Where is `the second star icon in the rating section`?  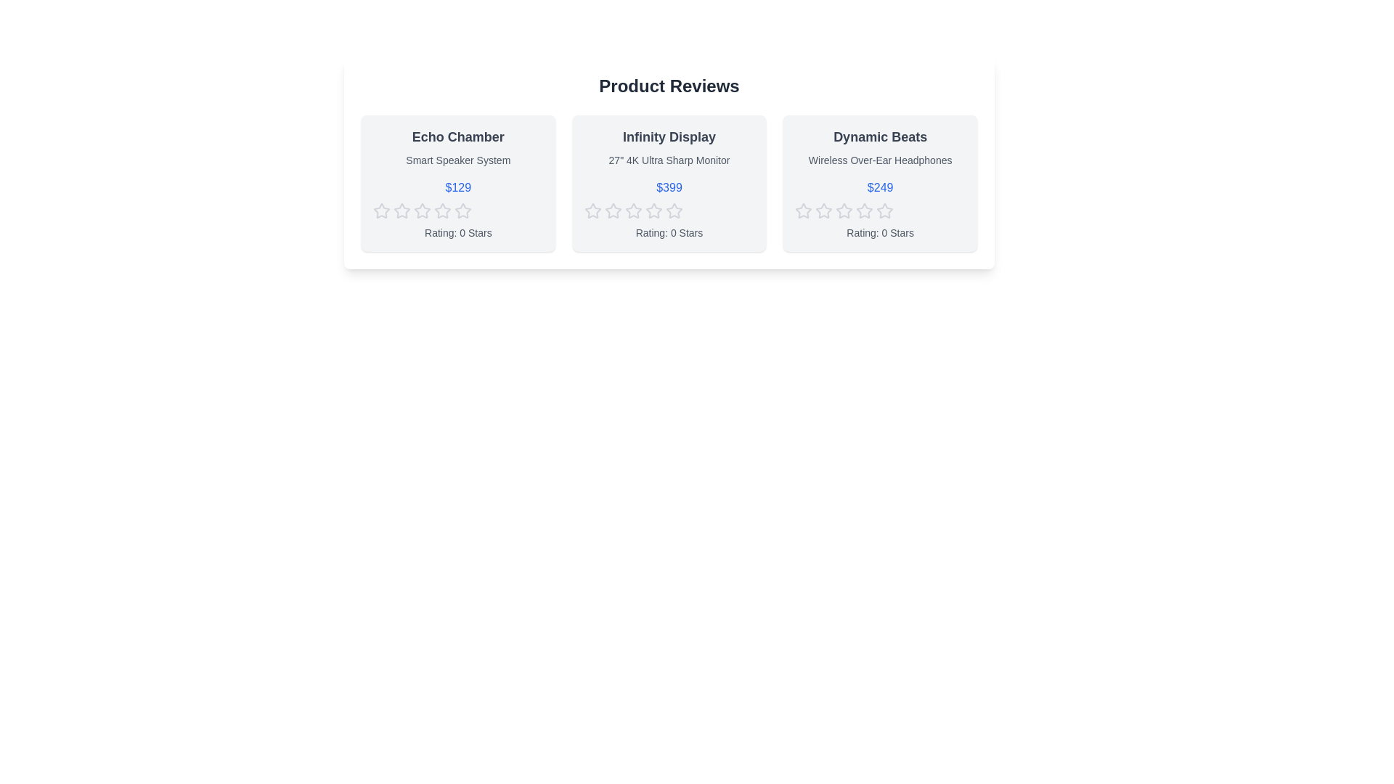
the second star icon in the rating section is located at coordinates (633, 211).